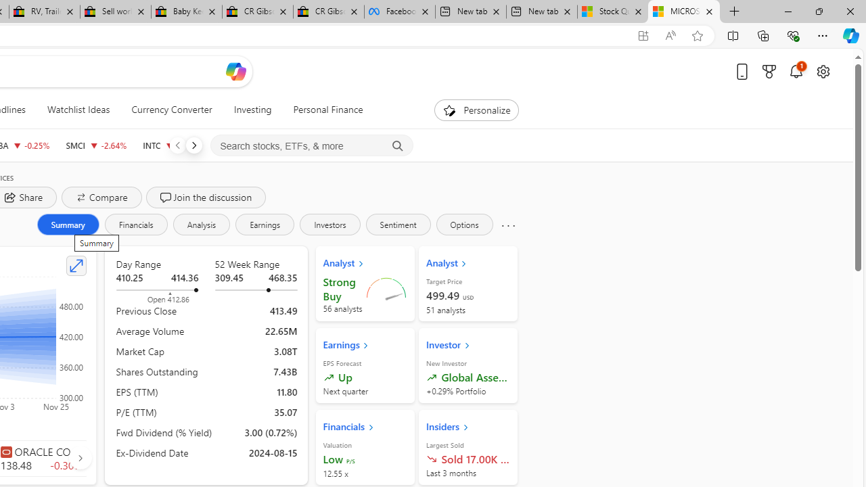 Image resolution: width=866 pixels, height=487 pixels. Describe the element at coordinates (541, 11) in the screenshot. I see `'New tab'` at that location.